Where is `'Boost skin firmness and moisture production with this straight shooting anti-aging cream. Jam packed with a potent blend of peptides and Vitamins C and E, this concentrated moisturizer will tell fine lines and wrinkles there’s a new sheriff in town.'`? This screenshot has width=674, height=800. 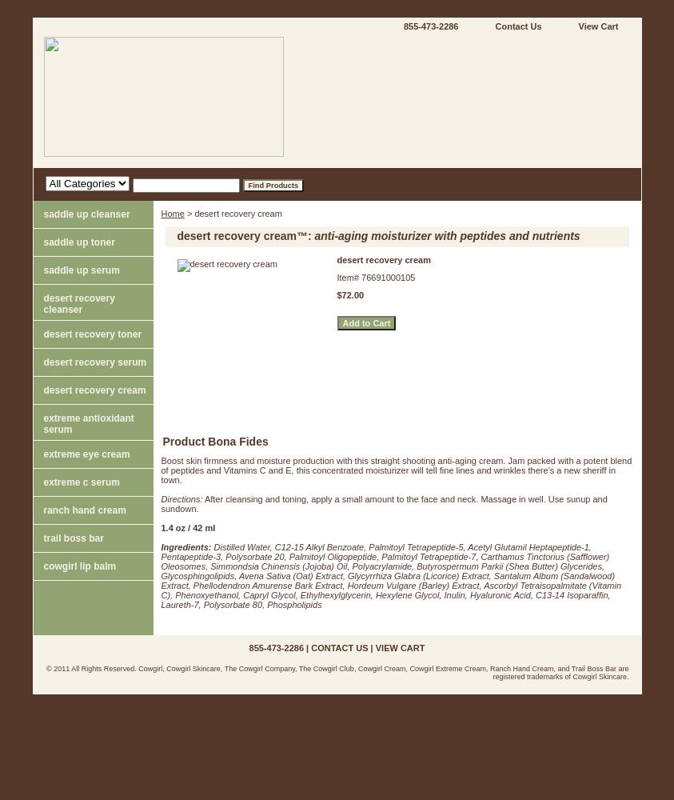
'Boost skin firmness and moisture production with this straight shooting anti-aging cream. Jam packed with a potent blend of peptides and Vitamins C and E, this concentrated moisturizer will tell fine lines and wrinkles there’s a new sheriff in town.' is located at coordinates (396, 469).